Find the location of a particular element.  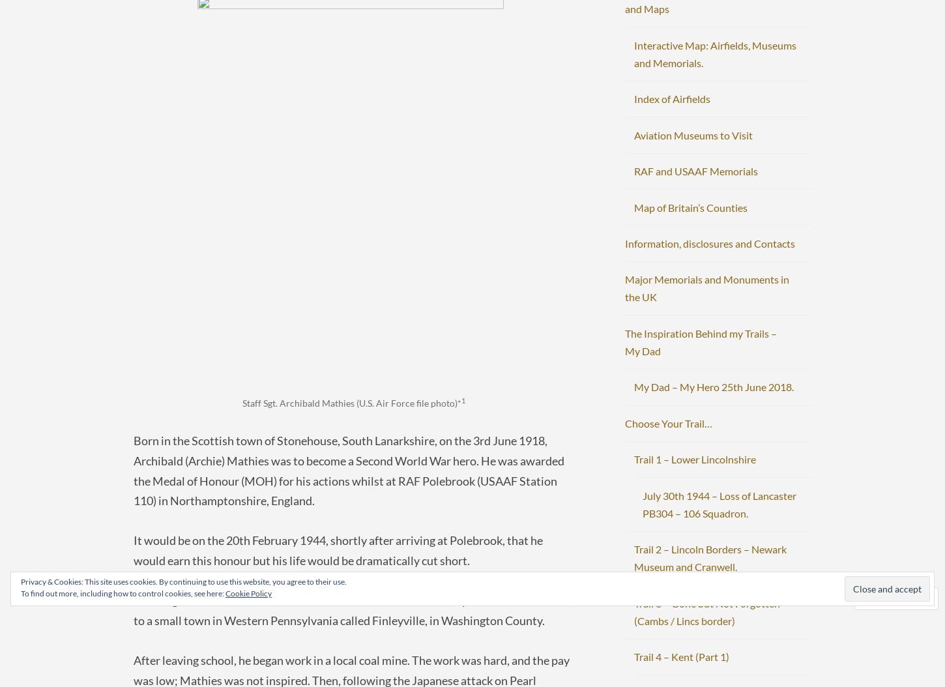

'Staff Sgt. Archibald Mathies (U.S. Air Force file photo)*' is located at coordinates (242, 402).